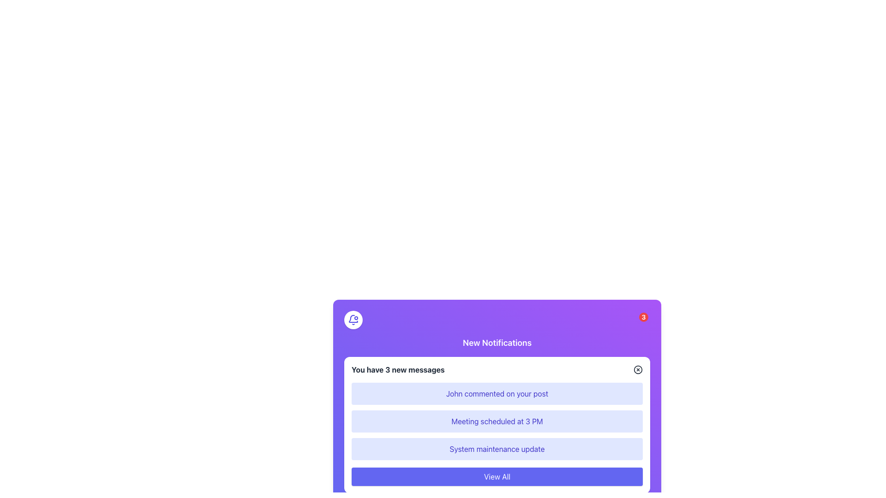 The image size is (886, 498). What do you see at coordinates (637, 369) in the screenshot?
I see `the circular SVG element located at the top-right of the notification card, which is used for dismissing or closing notifications` at bounding box center [637, 369].